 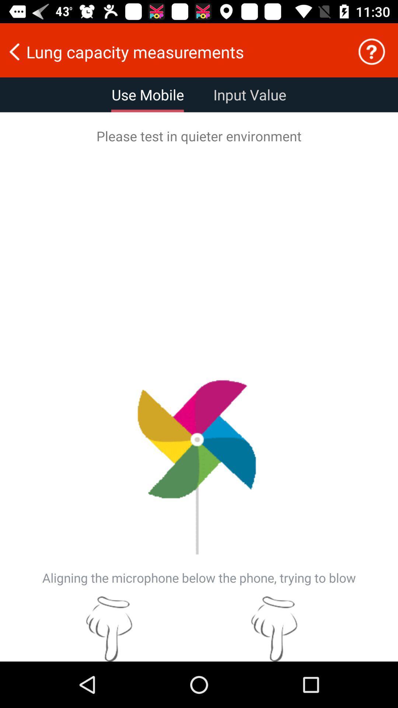 What do you see at coordinates (249, 94) in the screenshot?
I see `the item below lung capacity measurements icon` at bounding box center [249, 94].